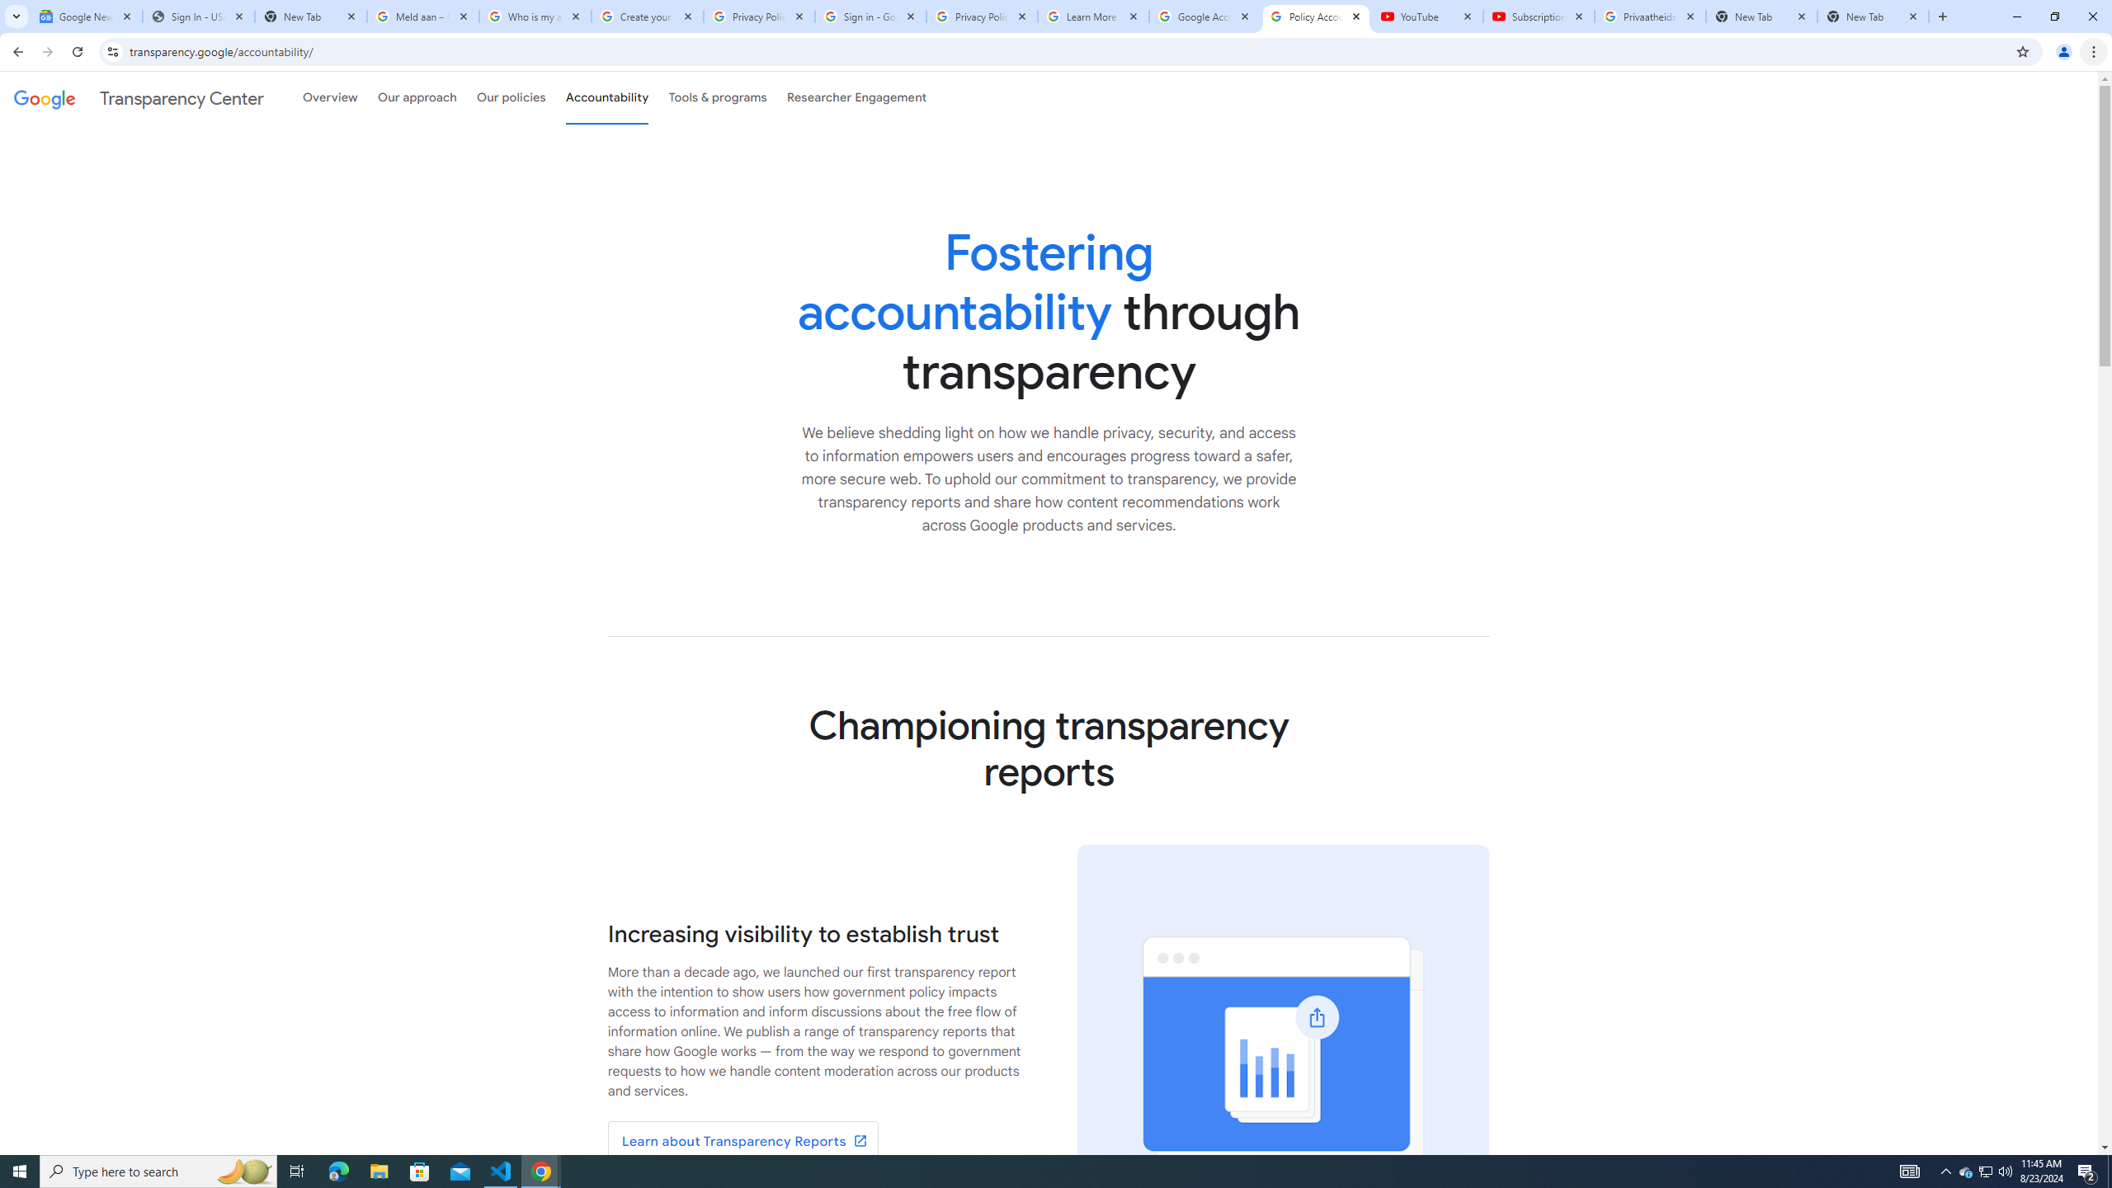  Describe the element at coordinates (857, 97) in the screenshot. I see `'Researcher Engagement'` at that location.